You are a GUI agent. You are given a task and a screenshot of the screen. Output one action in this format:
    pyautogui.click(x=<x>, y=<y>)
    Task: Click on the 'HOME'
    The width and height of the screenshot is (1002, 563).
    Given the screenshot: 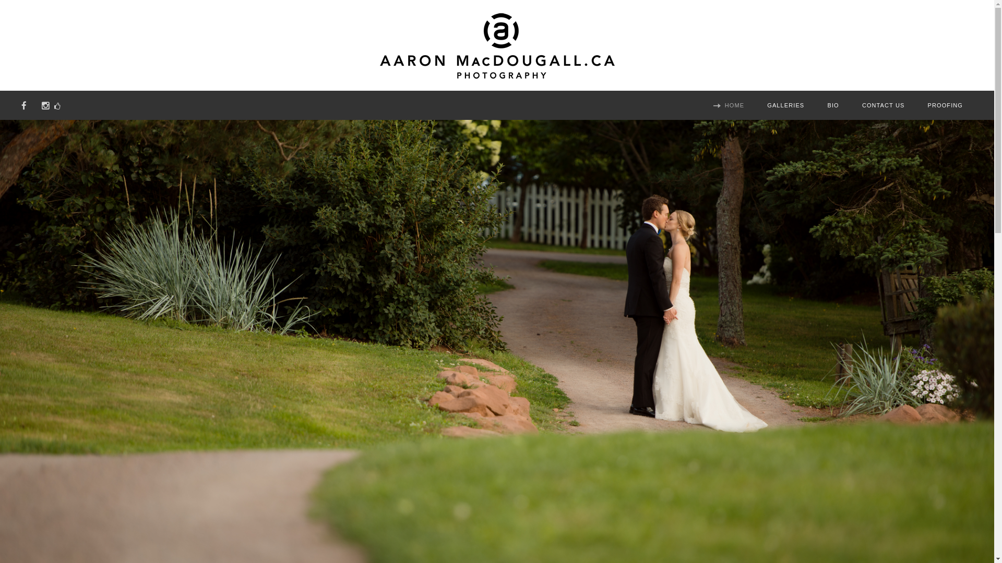 What is the action you would take?
    pyautogui.click(x=735, y=106)
    